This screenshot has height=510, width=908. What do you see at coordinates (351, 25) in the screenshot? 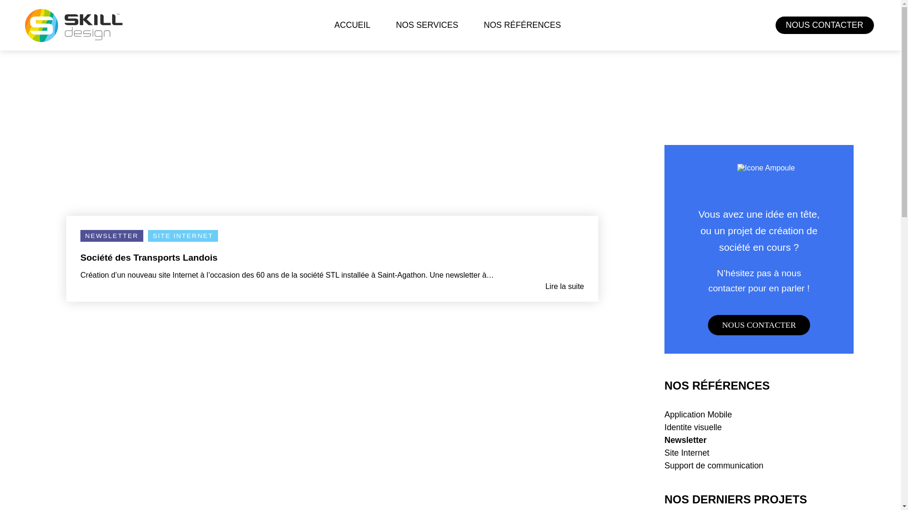
I see `'ACCUEIL'` at bounding box center [351, 25].